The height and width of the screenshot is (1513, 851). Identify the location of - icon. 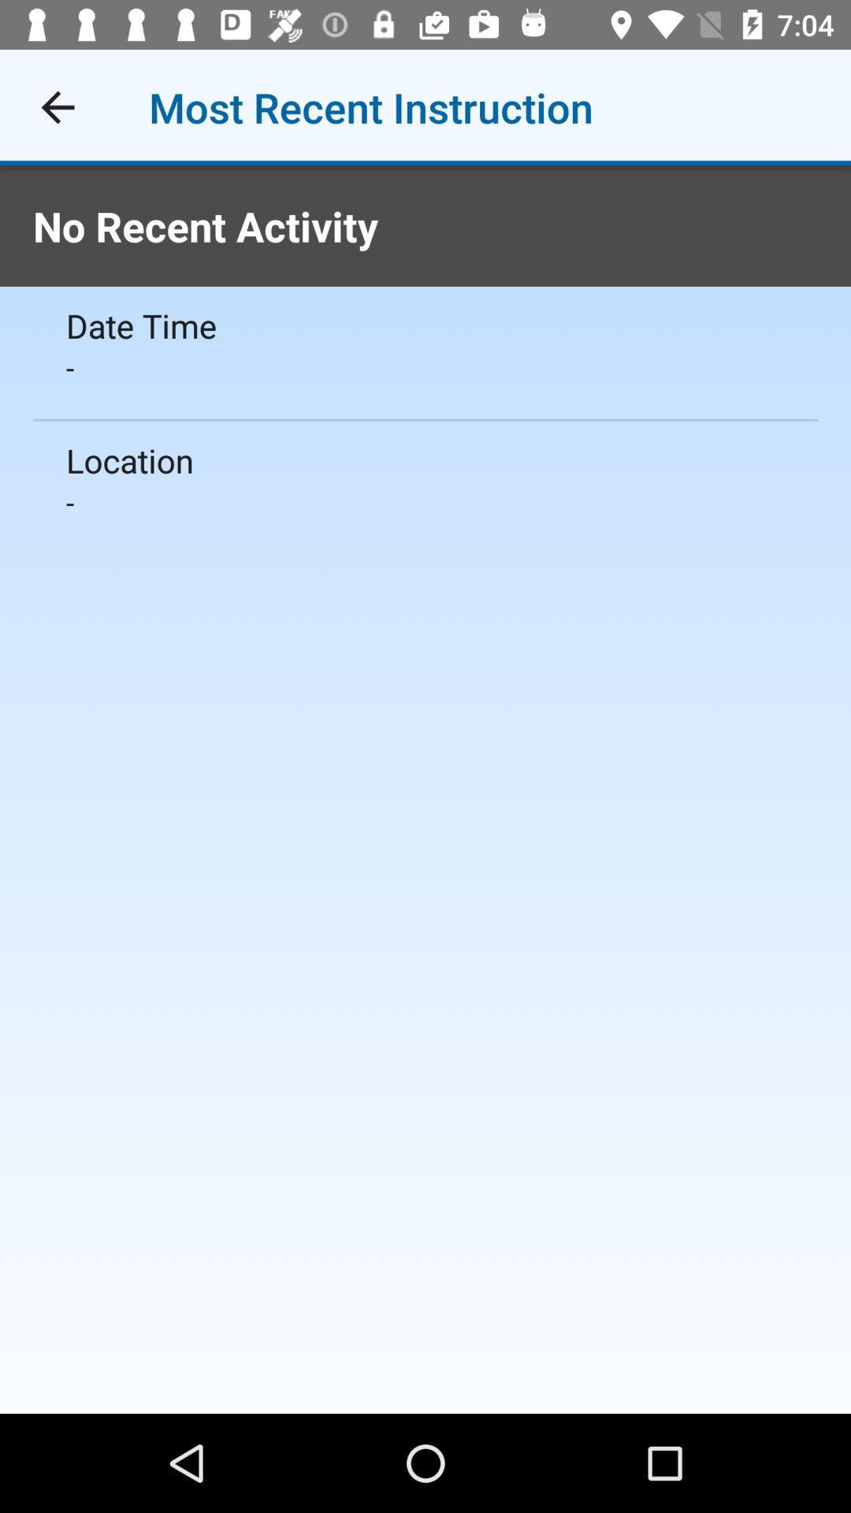
(425, 501).